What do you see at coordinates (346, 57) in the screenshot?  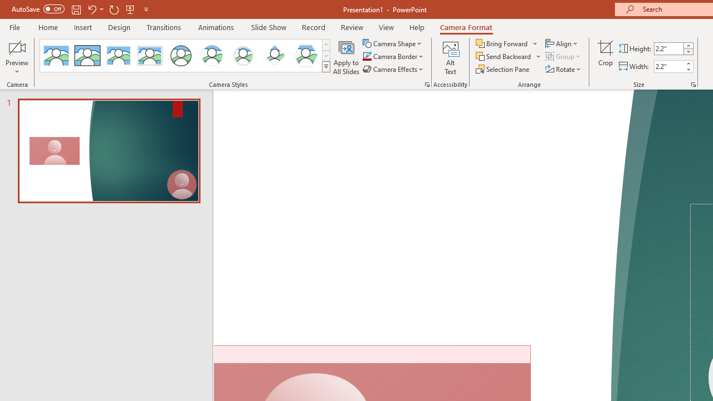 I see `'Apply to All Slides'` at bounding box center [346, 57].